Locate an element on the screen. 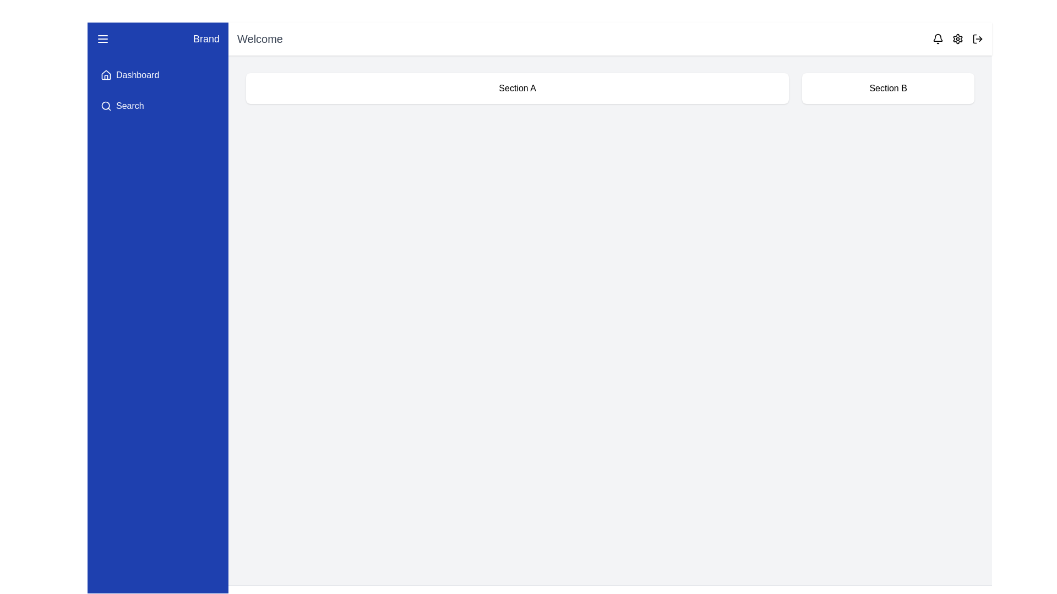  the 'Dashboard' button-like navigation item located in the left sidebar is located at coordinates (157, 75).